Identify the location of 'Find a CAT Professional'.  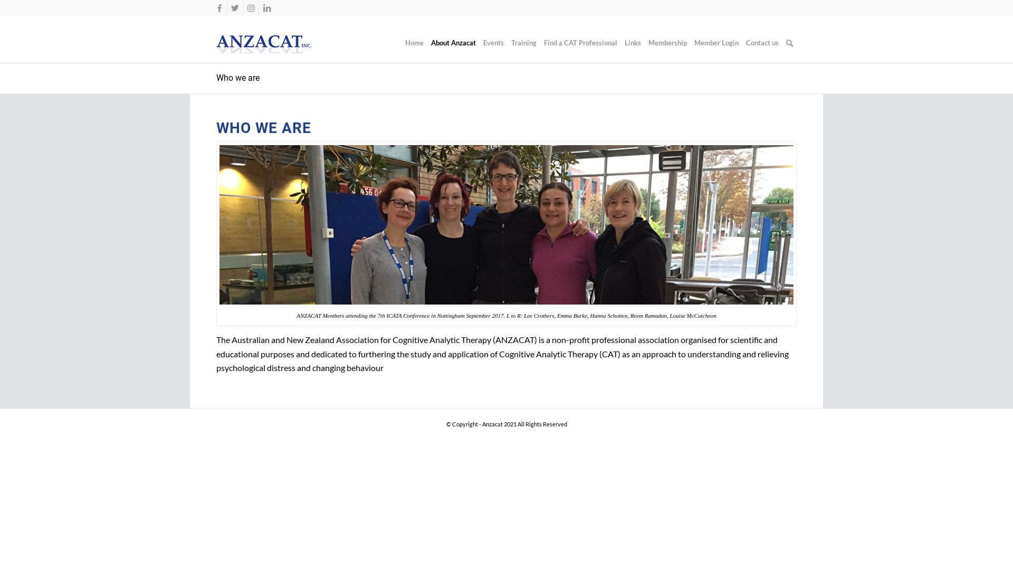
(580, 42).